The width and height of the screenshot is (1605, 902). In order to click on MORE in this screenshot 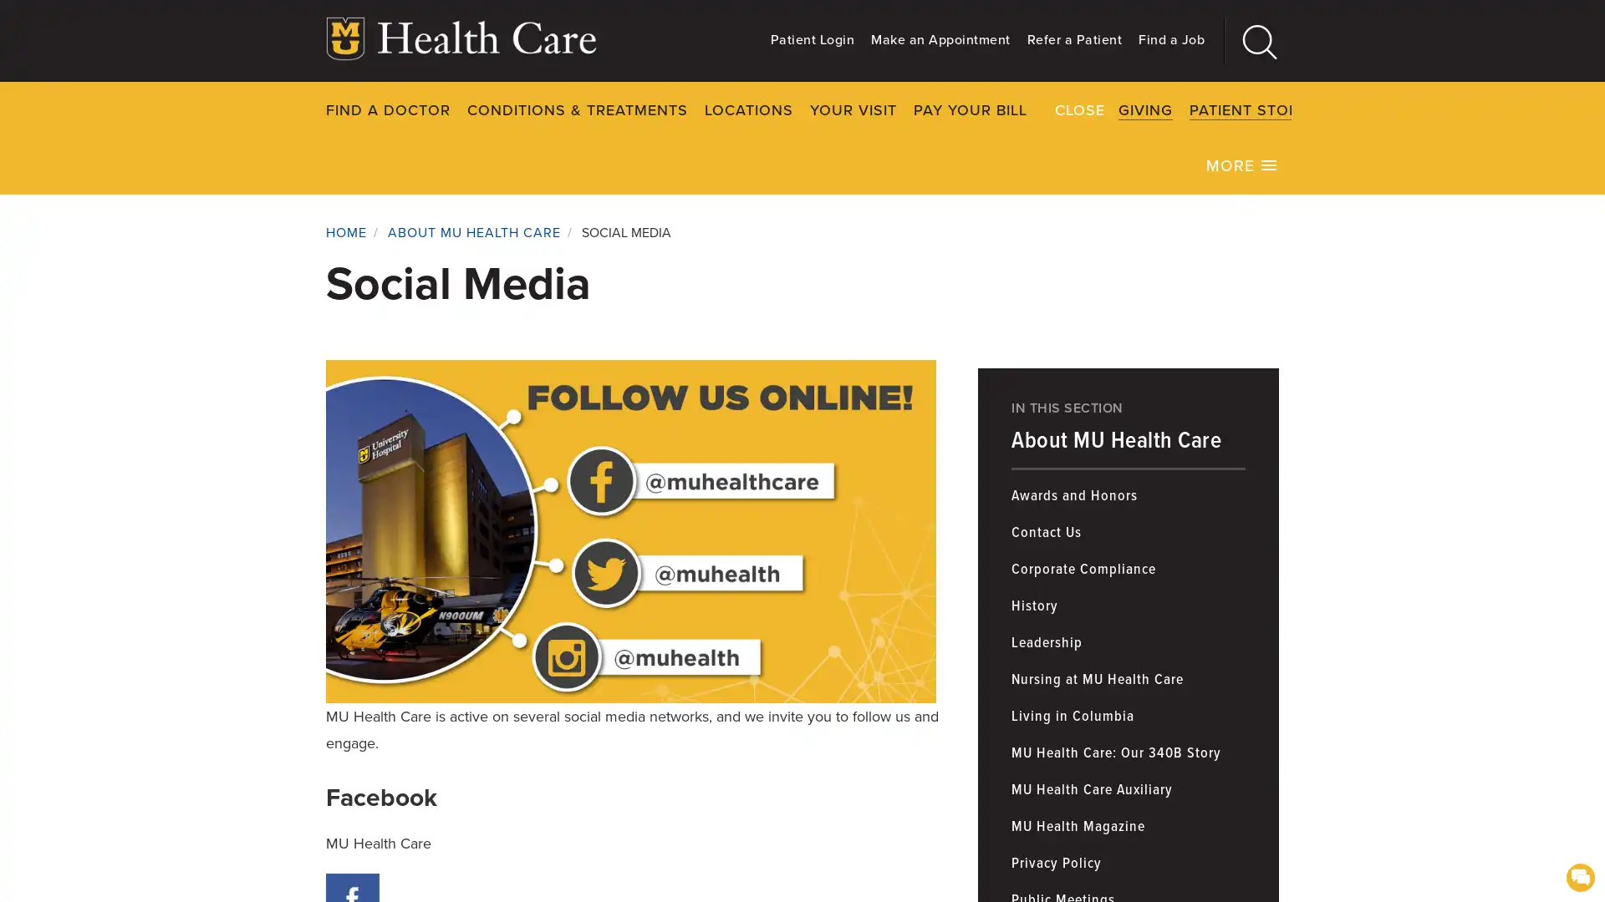, I will do `click(1242, 164)`.